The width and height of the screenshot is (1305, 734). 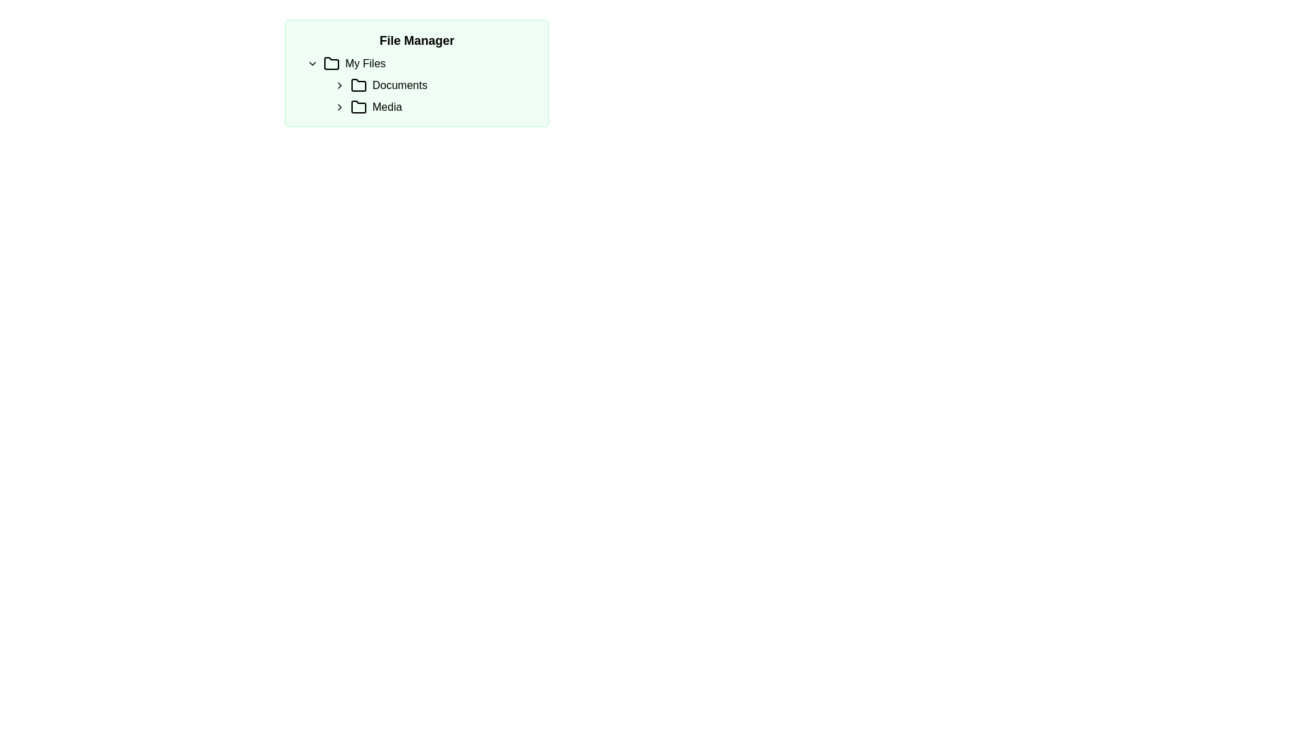 I want to click on the Right-facing chevron icon used to denote an expandable item in the Media section, so click(x=339, y=107).